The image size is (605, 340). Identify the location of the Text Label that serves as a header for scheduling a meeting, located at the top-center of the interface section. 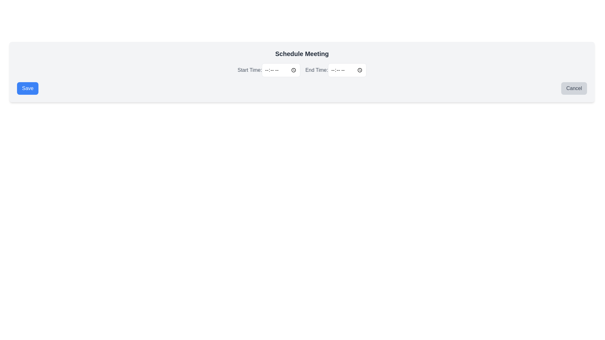
(302, 53).